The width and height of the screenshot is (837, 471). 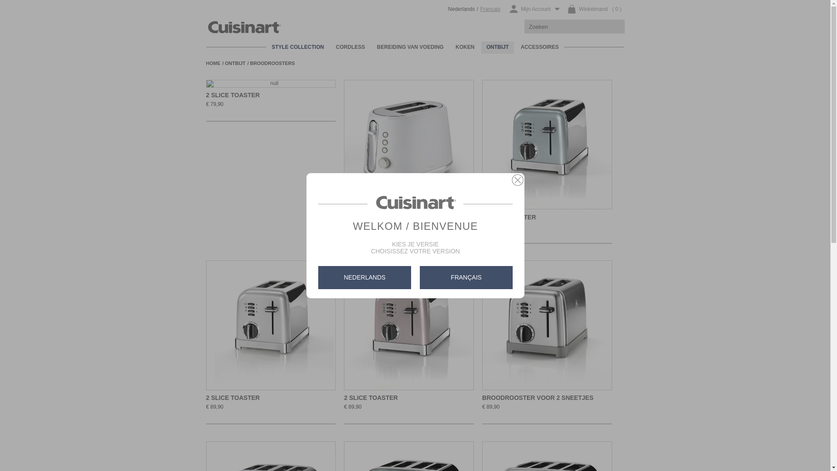 What do you see at coordinates (371, 216) in the screenshot?
I see `'2 SLICE TOASTER'` at bounding box center [371, 216].